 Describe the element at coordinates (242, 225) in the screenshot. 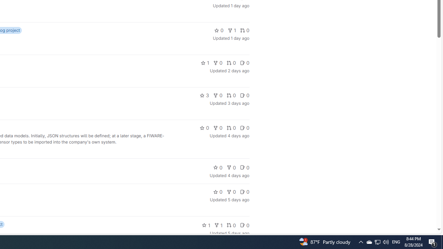

I see `'Class: s14 gl-mr-2'` at that location.